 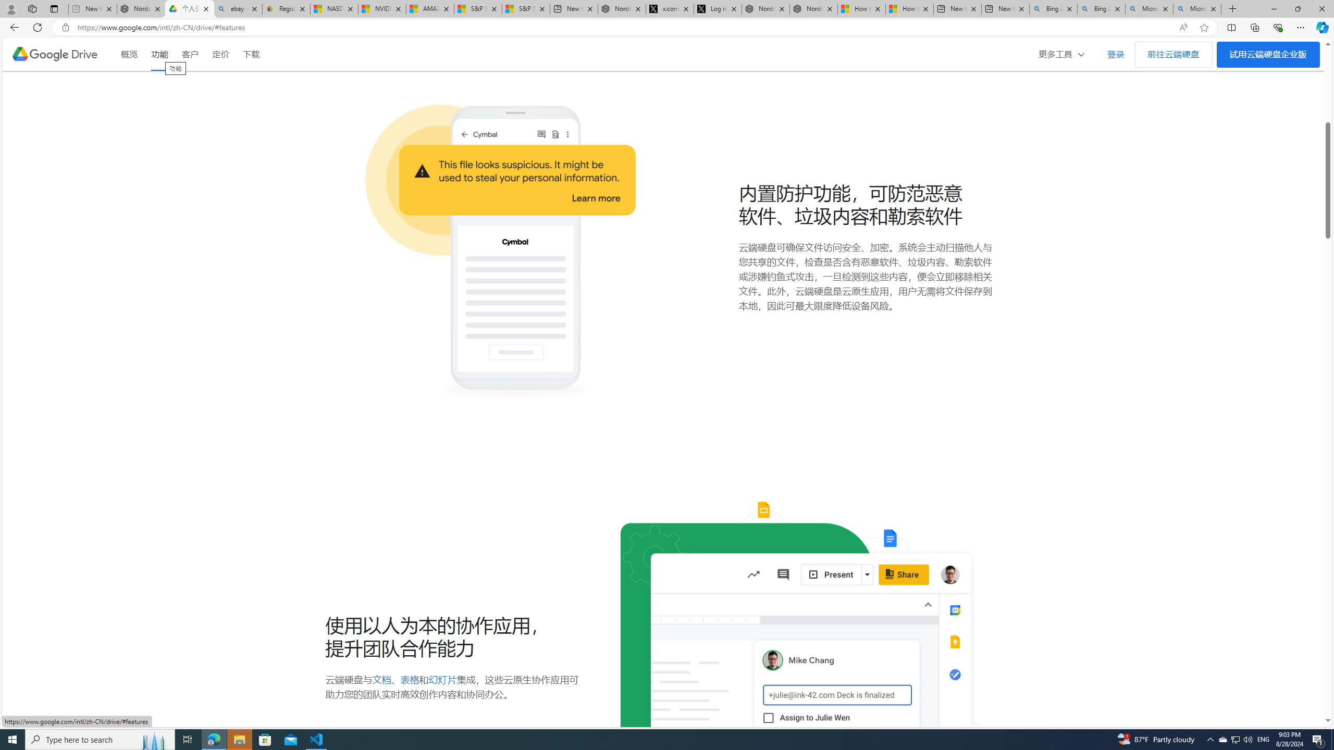 What do you see at coordinates (909, 8) in the screenshot?
I see `'How to Use a Monitor With Your Closed Laptop'` at bounding box center [909, 8].